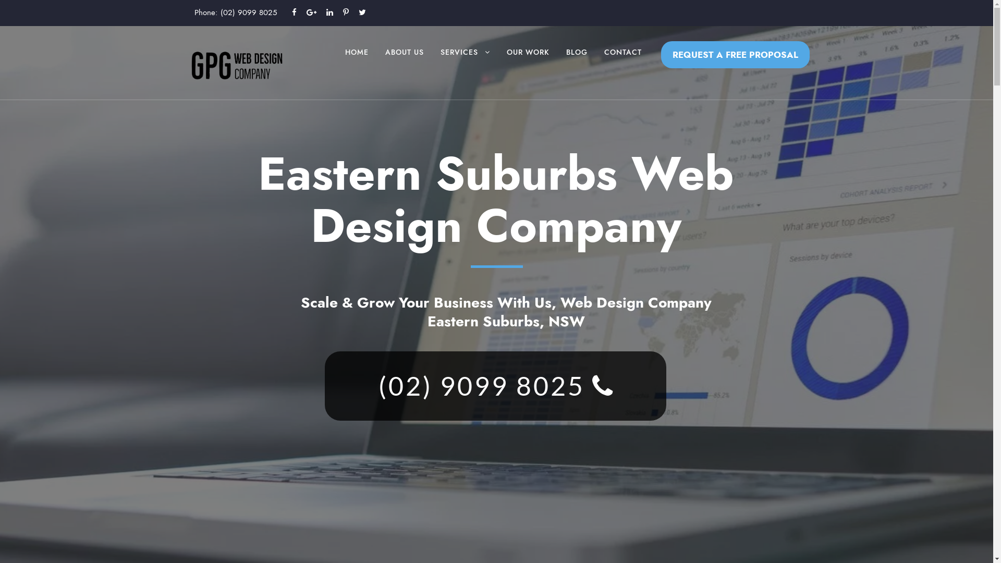  Describe the element at coordinates (403, 62) in the screenshot. I see `'ABOUT US'` at that location.